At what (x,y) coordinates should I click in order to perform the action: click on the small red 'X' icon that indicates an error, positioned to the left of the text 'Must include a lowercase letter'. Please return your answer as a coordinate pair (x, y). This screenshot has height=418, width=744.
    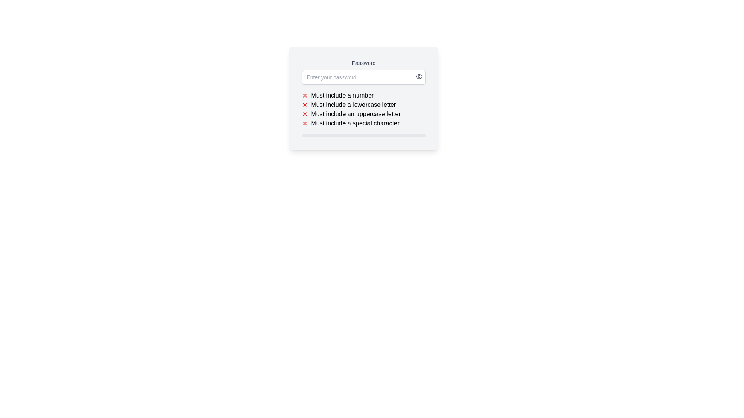
    Looking at the image, I should click on (304, 104).